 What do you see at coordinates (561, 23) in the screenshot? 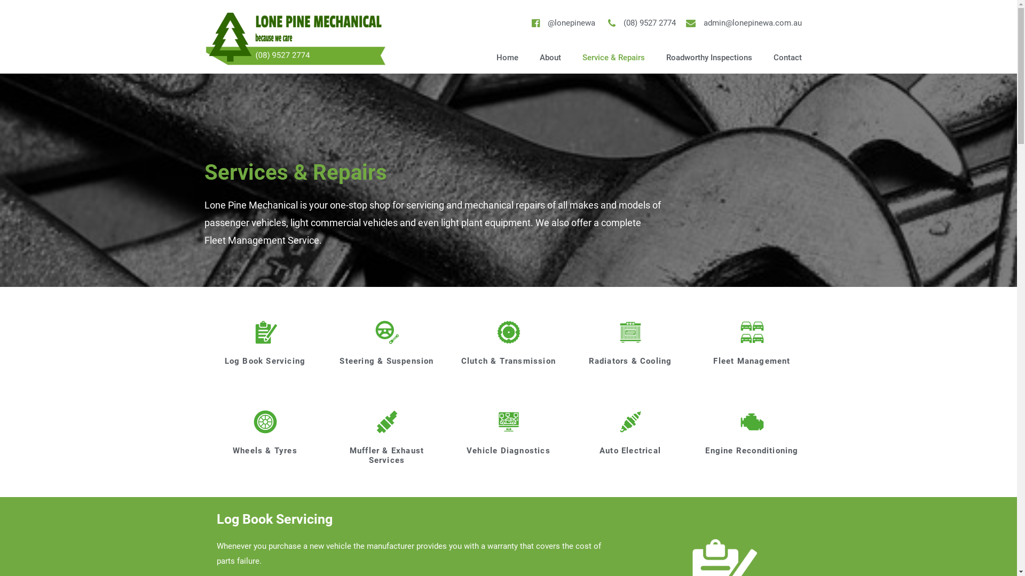
I see `'@lonepinewa'` at bounding box center [561, 23].